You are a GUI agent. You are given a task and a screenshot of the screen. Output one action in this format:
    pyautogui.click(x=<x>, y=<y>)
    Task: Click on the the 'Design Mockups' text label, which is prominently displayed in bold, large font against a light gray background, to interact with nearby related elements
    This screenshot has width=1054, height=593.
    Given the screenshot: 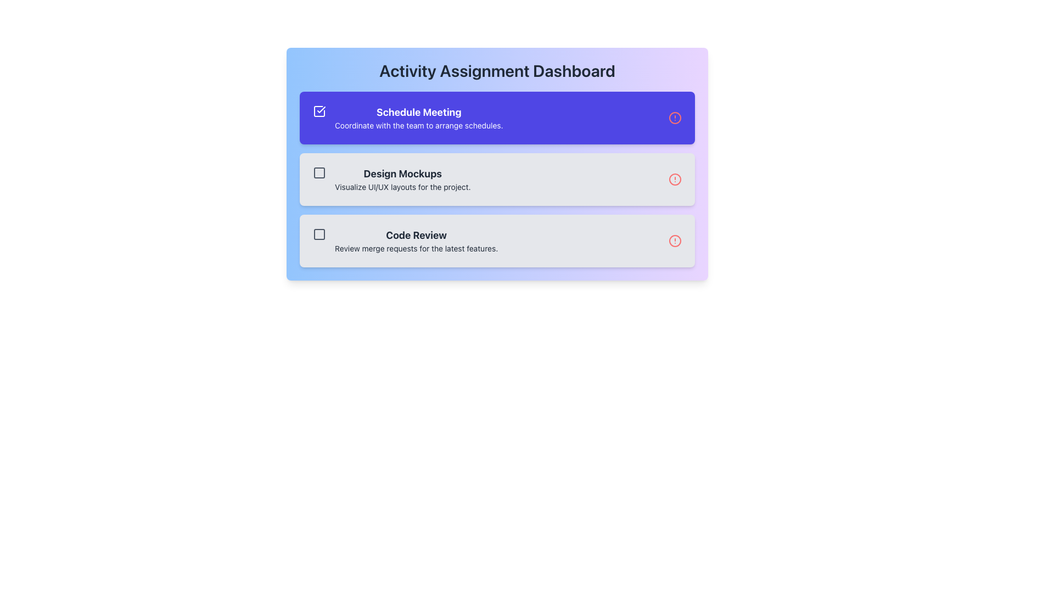 What is the action you would take?
    pyautogui.click(x=402, y=173)
    